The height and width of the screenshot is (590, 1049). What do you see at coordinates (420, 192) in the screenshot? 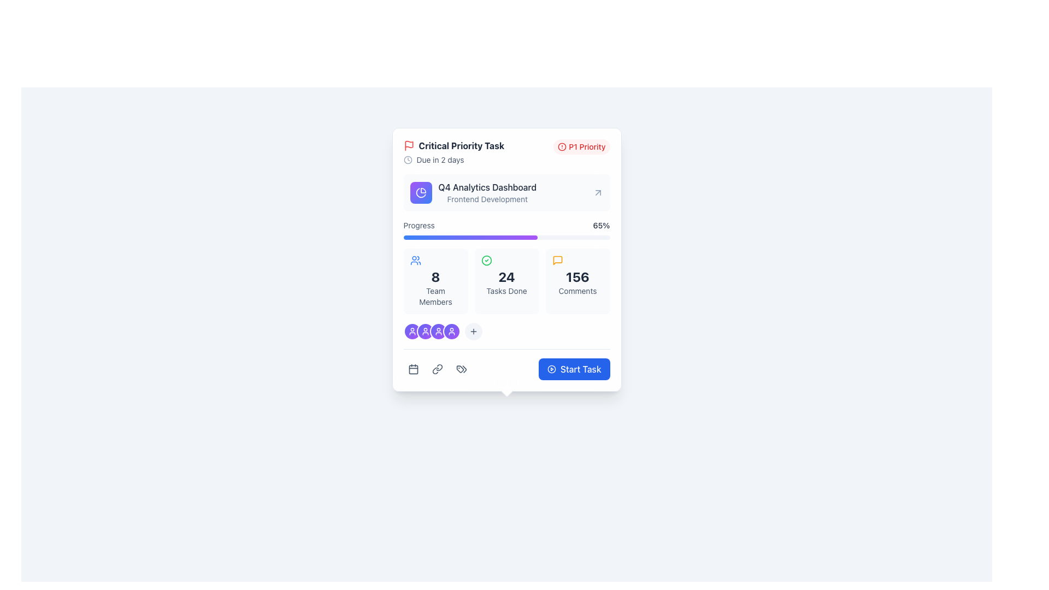
I see `the circular pie chart icon with a gradient purple-to-blue backdrop, located beside the title text 'Q4 Analytics Dashboard'` at bounding box center [420, 192].